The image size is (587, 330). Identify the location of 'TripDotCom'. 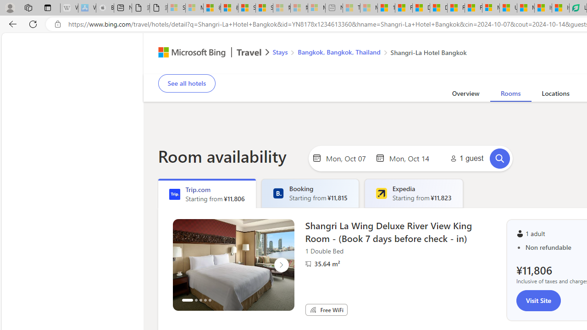
(174, 194).